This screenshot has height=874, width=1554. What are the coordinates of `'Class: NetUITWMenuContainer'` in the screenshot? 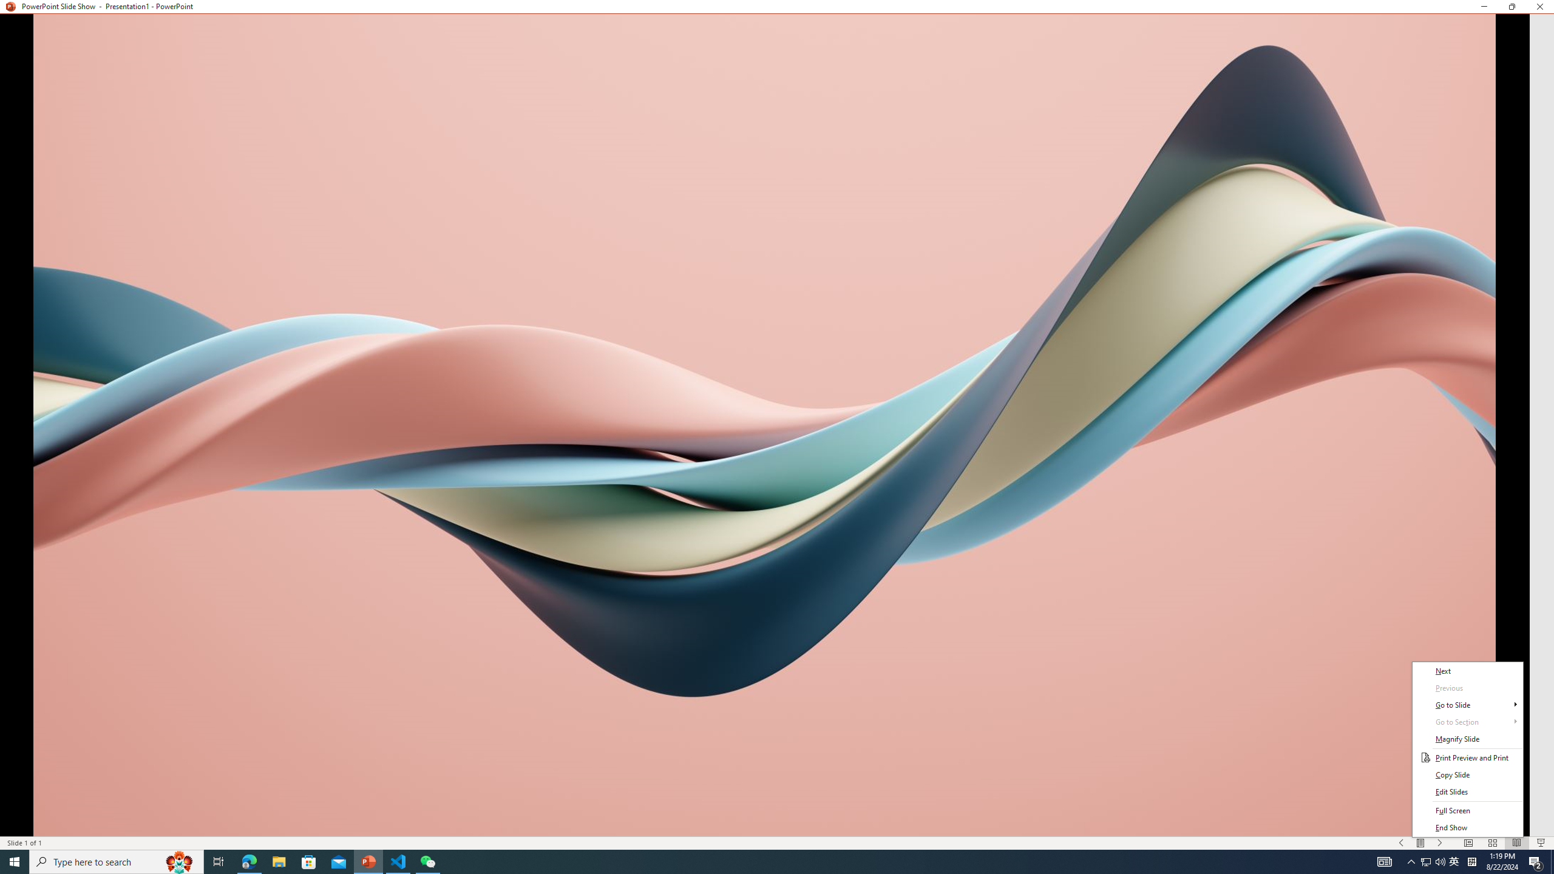 It's located at (1467, 748).